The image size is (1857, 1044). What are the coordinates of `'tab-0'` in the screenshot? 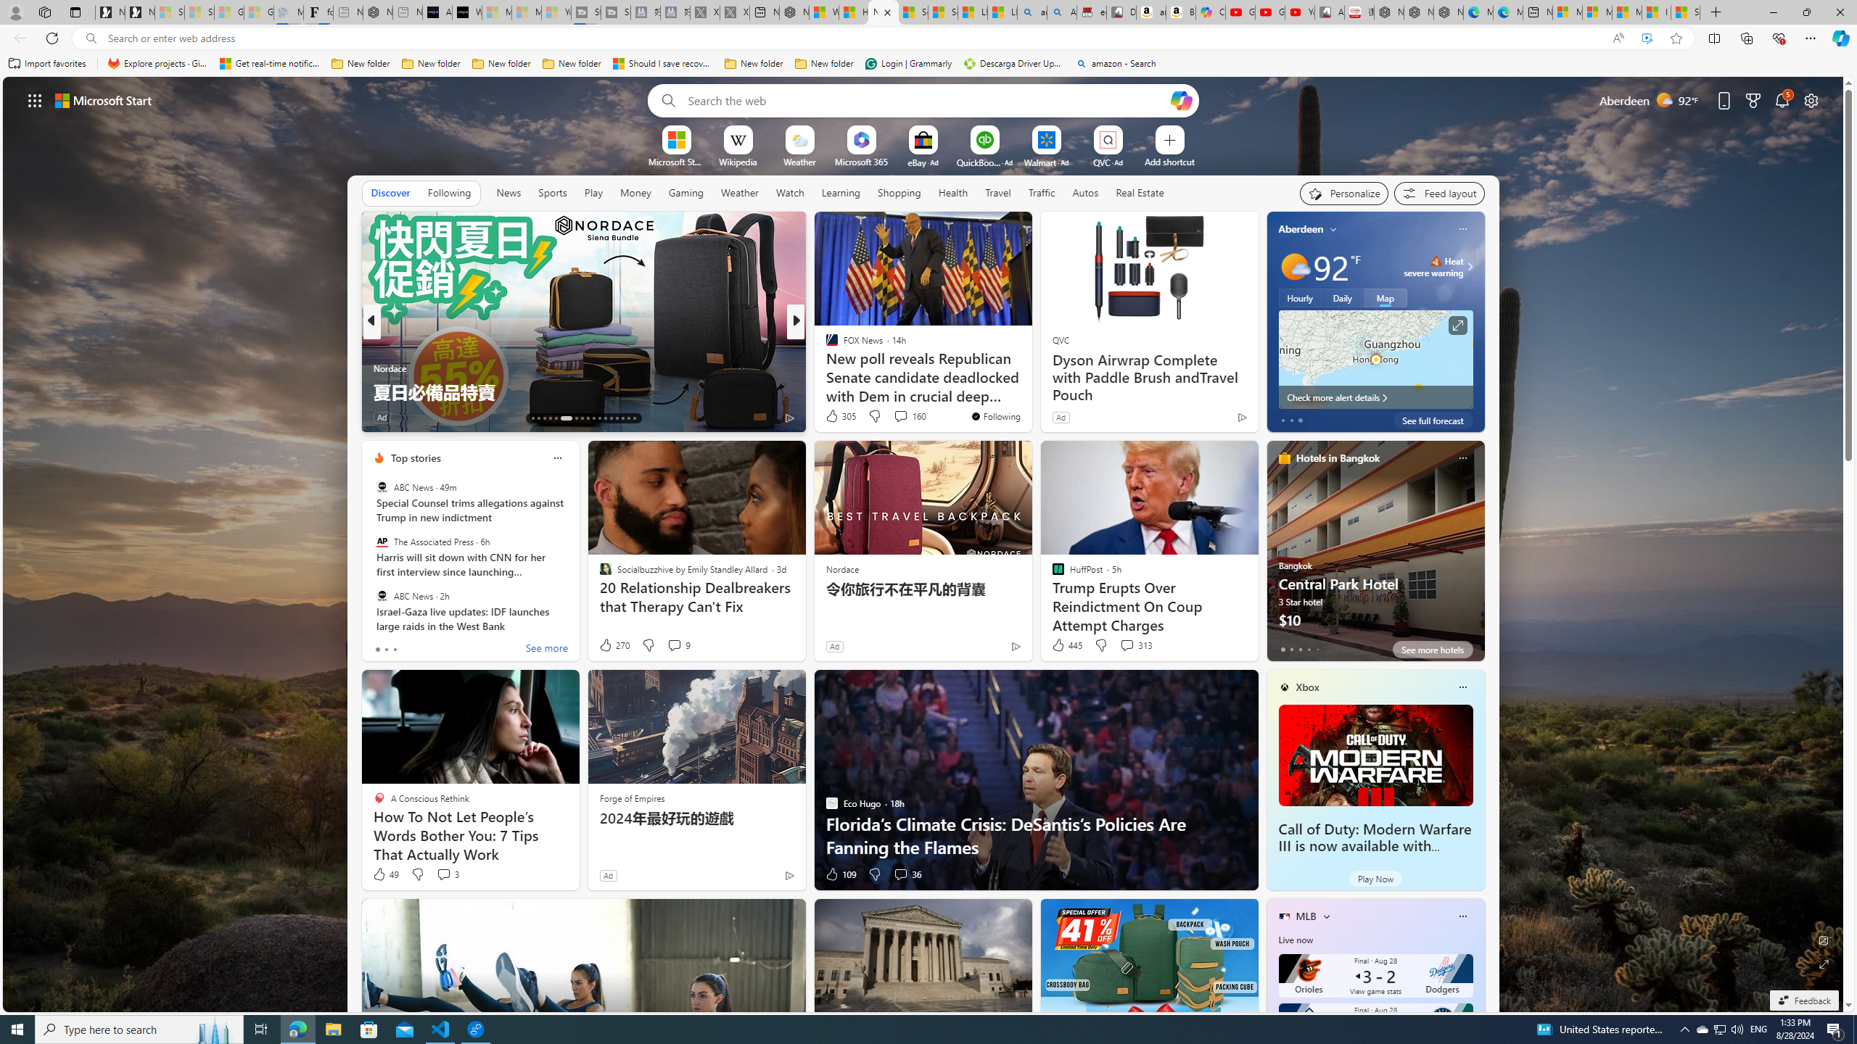 It's located at (1281, 649).